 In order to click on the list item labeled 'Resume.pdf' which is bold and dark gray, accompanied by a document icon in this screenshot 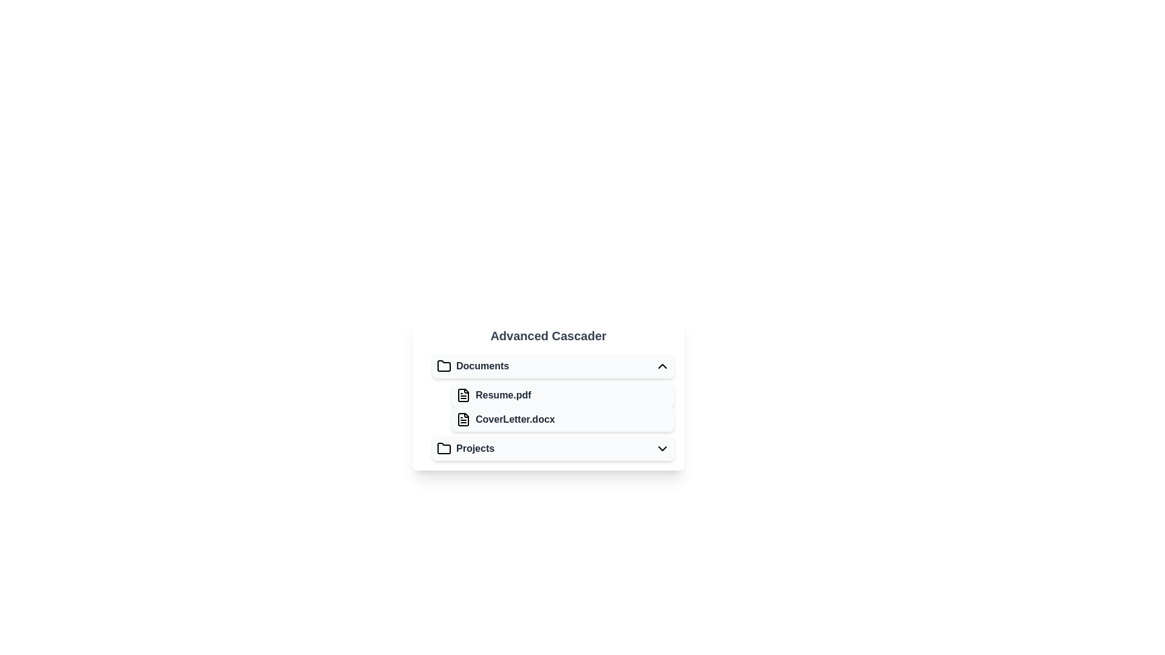, I will do `click(493, 395)`.